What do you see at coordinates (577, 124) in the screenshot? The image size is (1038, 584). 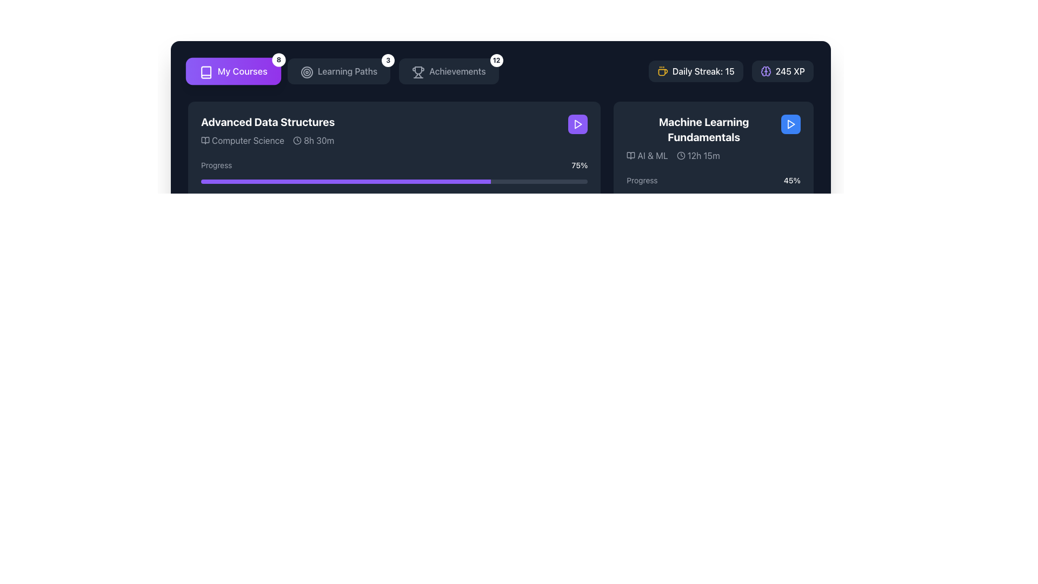 I see `the button in the top-right corner of the 'Advanced Data Structures' card` at bounding box center [577, 124].